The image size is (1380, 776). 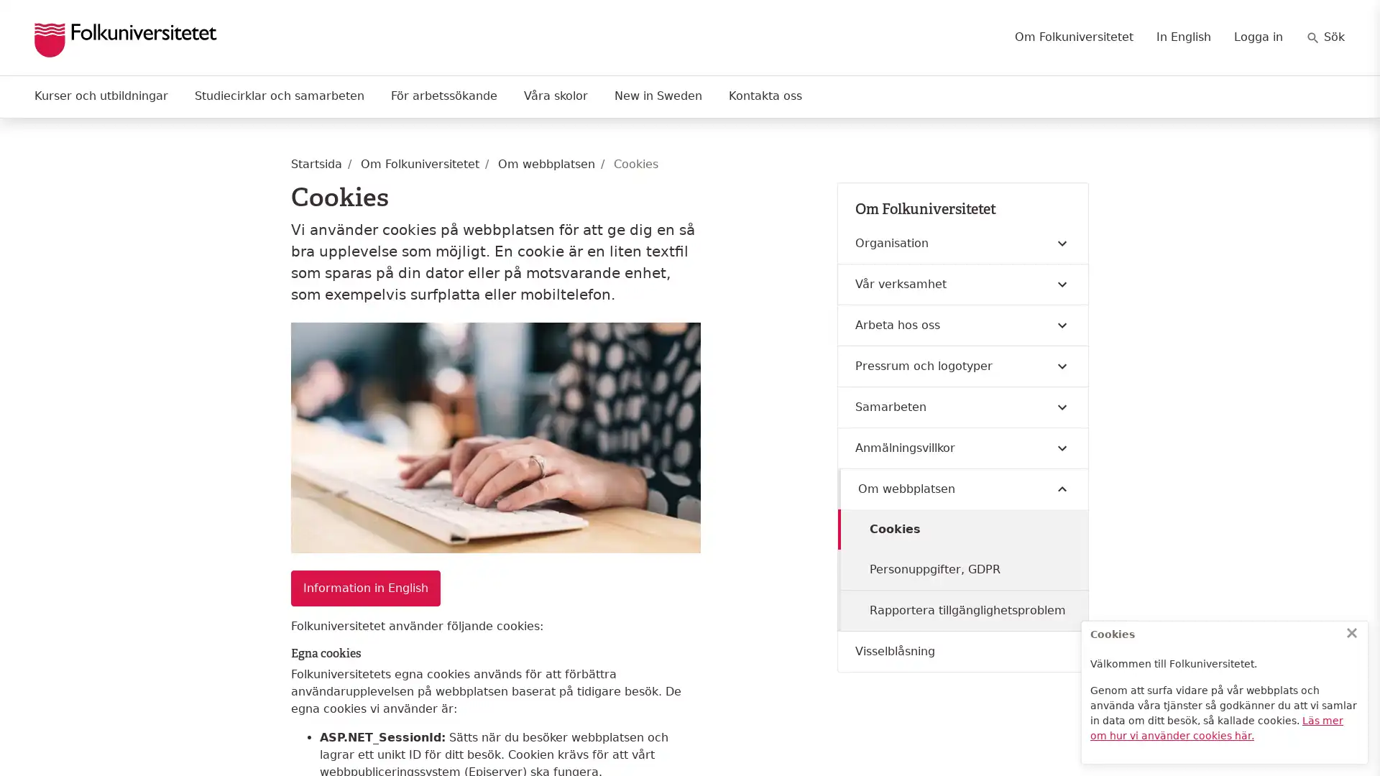 I want to click on Stang, so click(x=1351, y=632).